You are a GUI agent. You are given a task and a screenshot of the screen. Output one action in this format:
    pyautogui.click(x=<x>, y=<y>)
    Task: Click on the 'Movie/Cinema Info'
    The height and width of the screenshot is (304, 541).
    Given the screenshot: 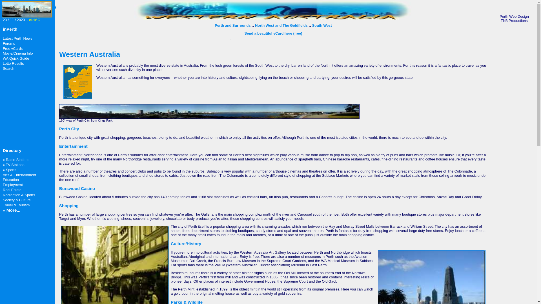 What is the action you would take?
    pyautogui.click(x=18, y=53)
    